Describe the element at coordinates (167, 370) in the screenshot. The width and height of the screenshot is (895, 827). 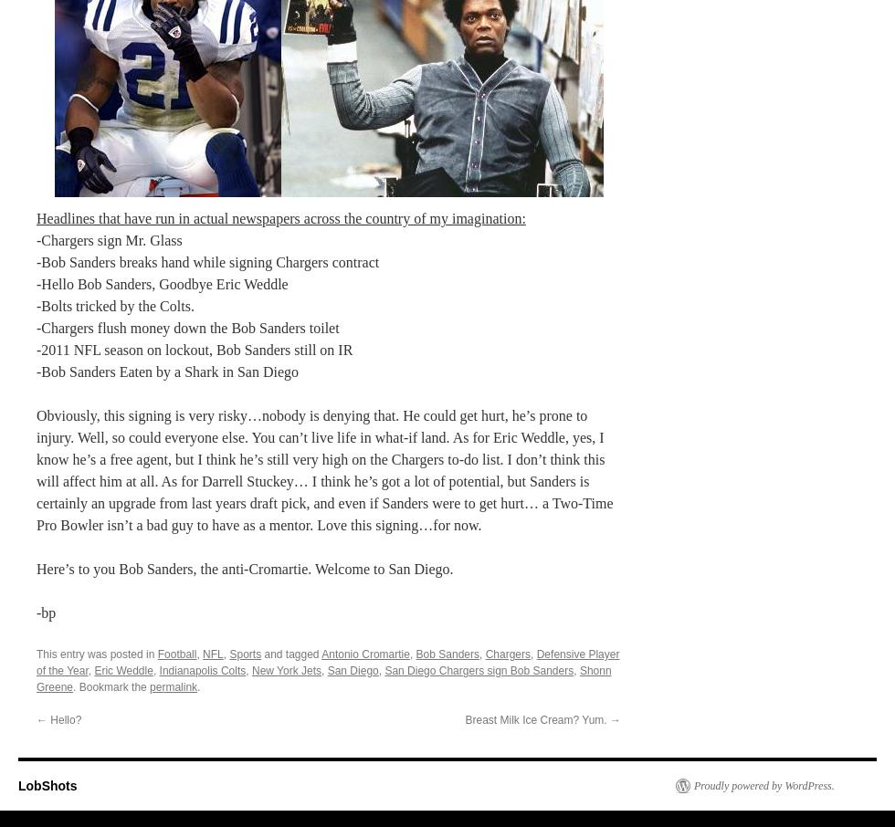
I see `'-Bob Sanders Eaten by a Shark in San Diego'` at that location.